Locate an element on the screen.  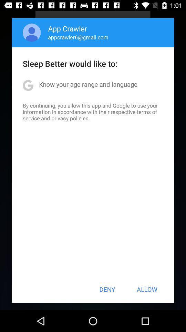
the icon below by continuing you is located at coordinates (107, 289).